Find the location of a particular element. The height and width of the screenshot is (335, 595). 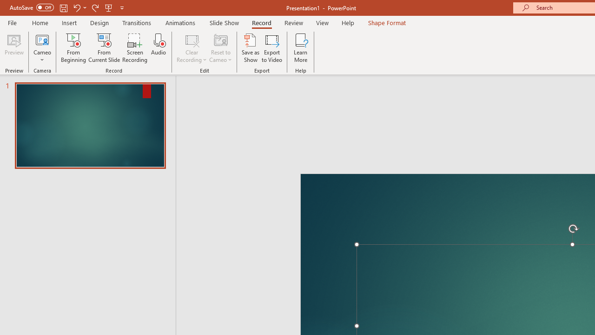

'Learn More' is located at coordinates (301, 48).